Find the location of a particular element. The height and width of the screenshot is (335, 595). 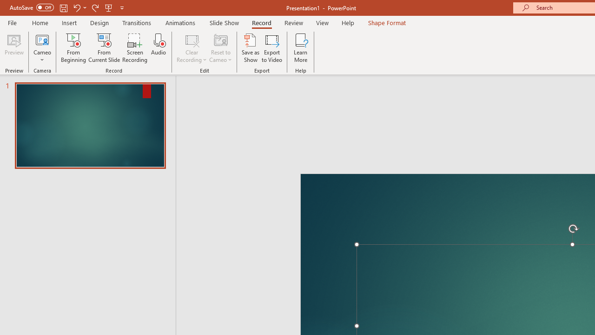

'Learn More' is located at coordinates (301, 48).